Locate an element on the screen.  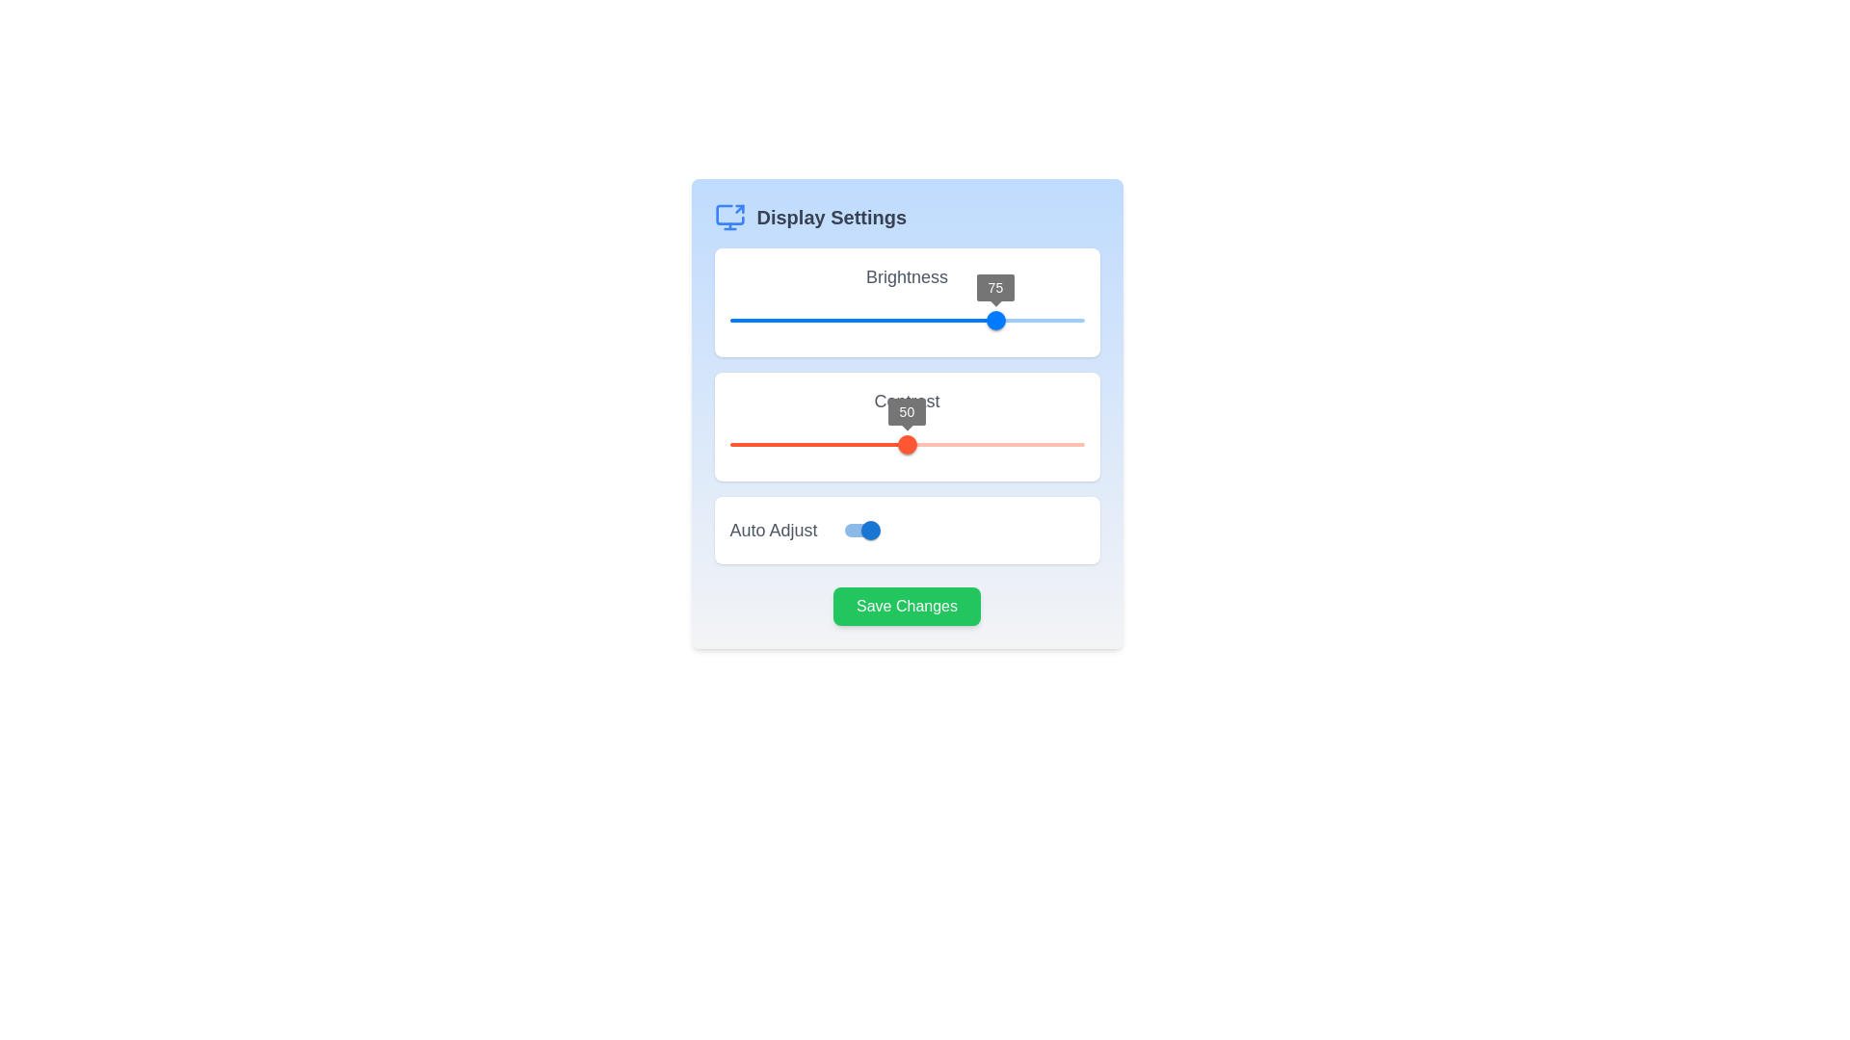
contrast is located at coordinates (1037, 445).